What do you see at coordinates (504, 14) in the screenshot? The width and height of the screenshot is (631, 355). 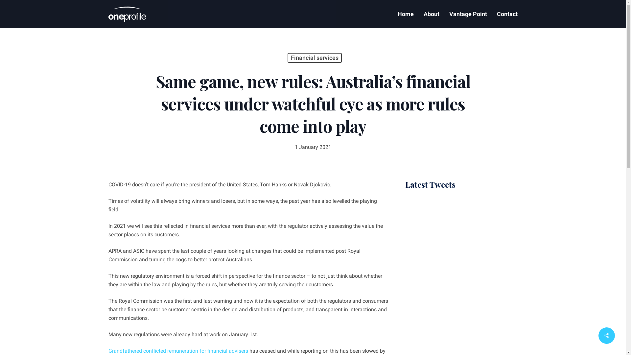 I see `'Contact'` at bounding box center [504, 14].